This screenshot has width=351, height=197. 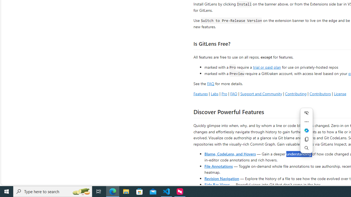 What do you see at coordinates (218, 166) in the screenshot?
I see `'File Annotations'` at bounding box center [218, 166].